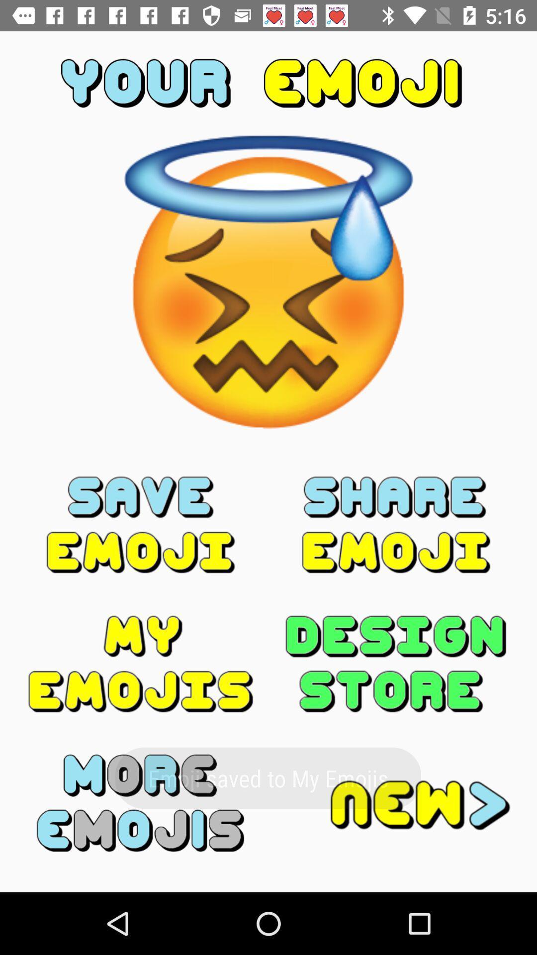 The width and height of the screenshot is (537, 955). What do you see at coordinates (141, 803) in the screenshot?
I see `emoji image` at bounding box center [141, 803].